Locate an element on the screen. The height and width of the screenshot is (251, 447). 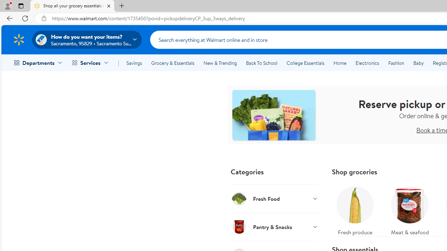
'Baby' is located at coordinates (418, 63).